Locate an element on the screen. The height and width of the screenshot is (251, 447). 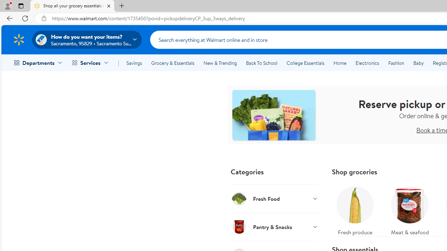
'Baby' is located at coordinates (418, 63).